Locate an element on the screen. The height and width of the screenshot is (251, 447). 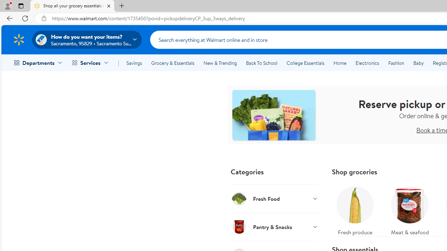
'Baby' is located at coordinates (418, 63).